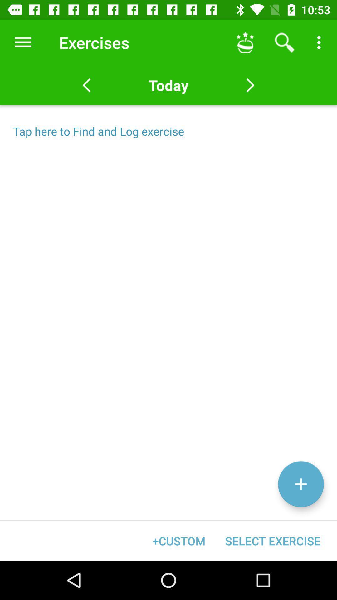 The height and width of the screenshot is (600, 337). I want to click on more option on the top right corner, so click(320, 42).